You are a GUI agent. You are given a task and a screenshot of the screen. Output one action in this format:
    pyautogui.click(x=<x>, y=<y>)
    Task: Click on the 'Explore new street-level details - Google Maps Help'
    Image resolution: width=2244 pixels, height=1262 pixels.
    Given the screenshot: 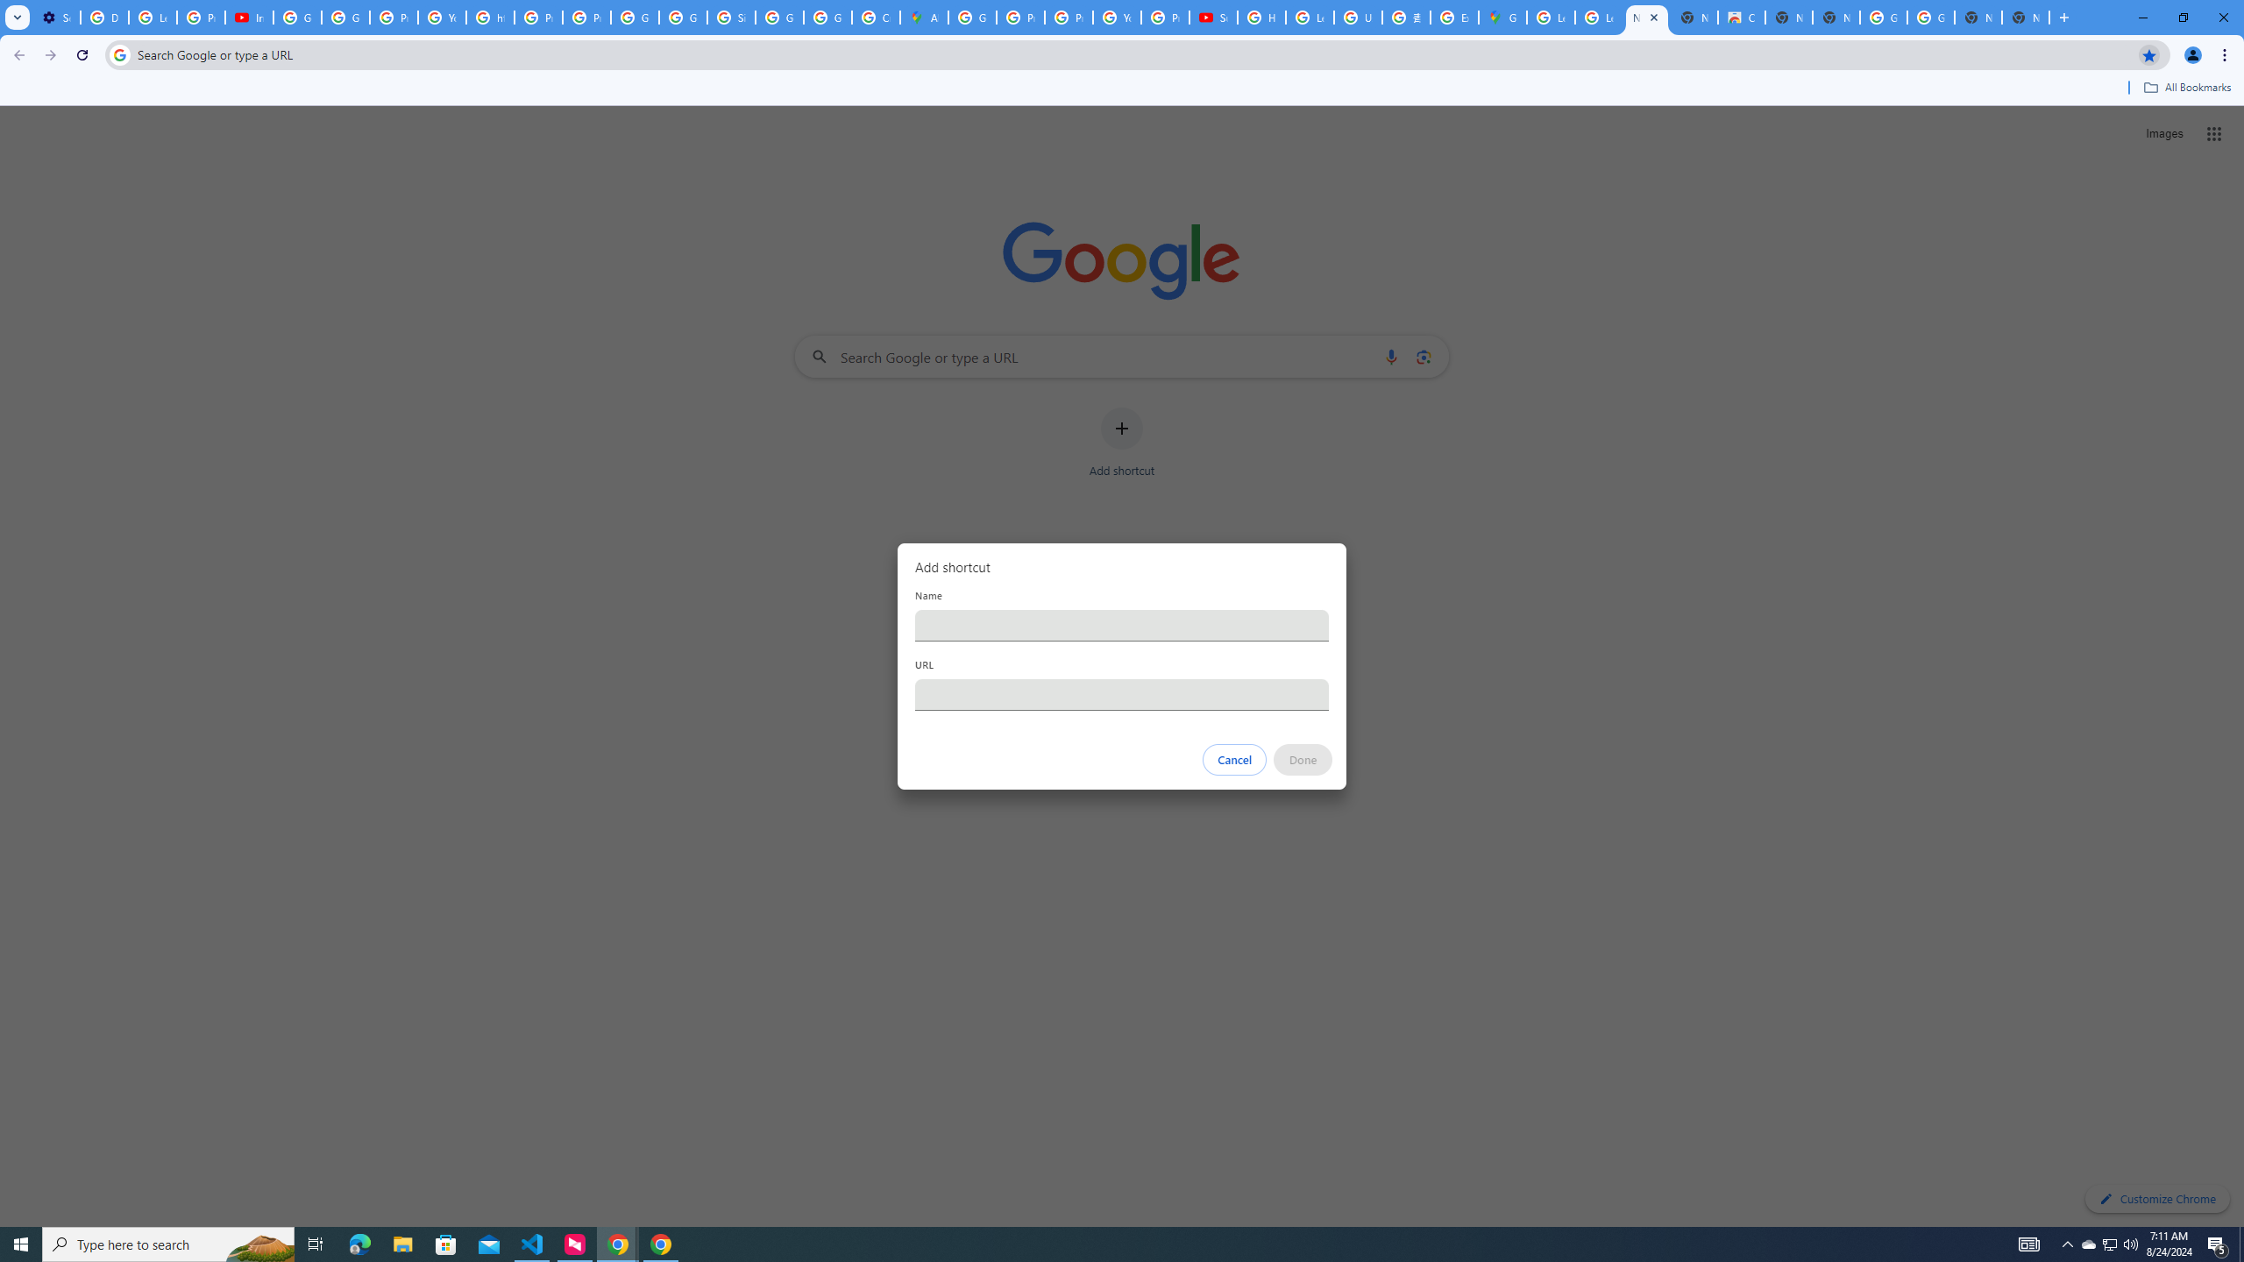 What is the action you would take?
    pyautogui.click(x=1453, y=17)
    